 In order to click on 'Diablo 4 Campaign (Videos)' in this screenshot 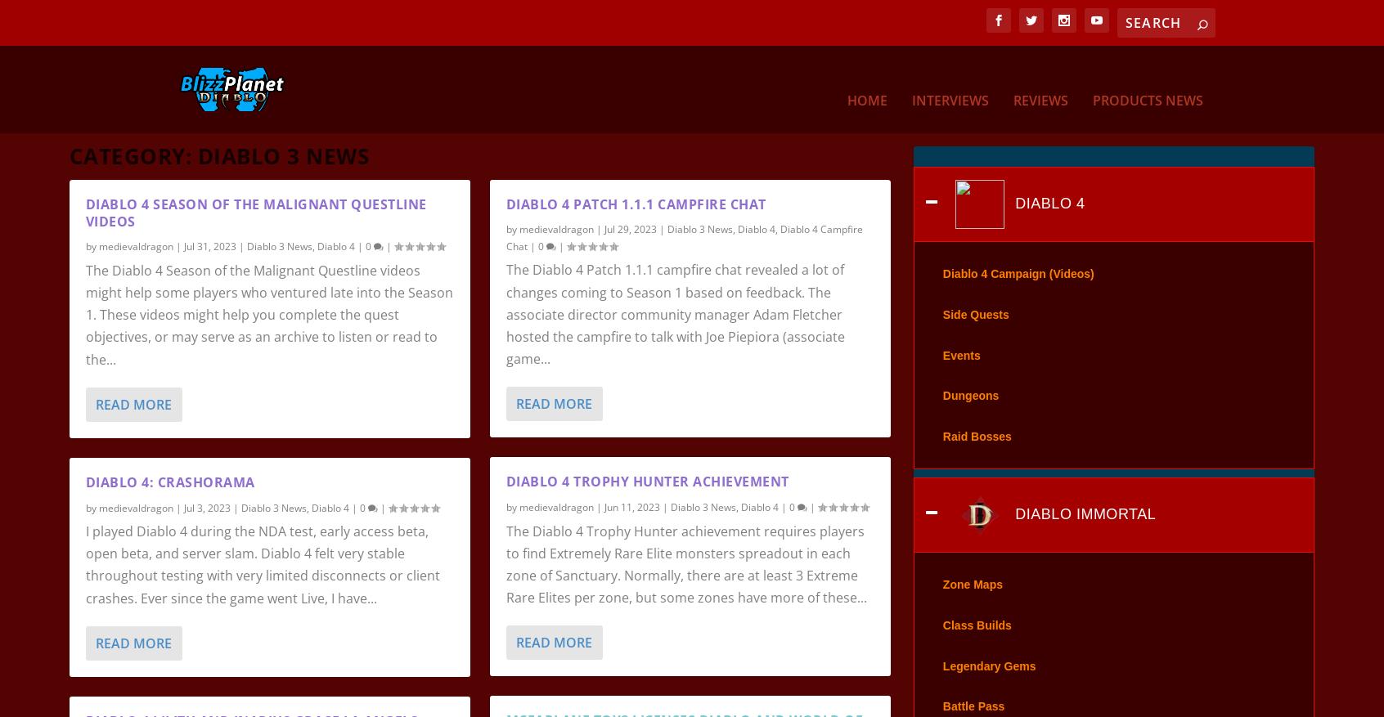, I will do `click(1018, 296)`.